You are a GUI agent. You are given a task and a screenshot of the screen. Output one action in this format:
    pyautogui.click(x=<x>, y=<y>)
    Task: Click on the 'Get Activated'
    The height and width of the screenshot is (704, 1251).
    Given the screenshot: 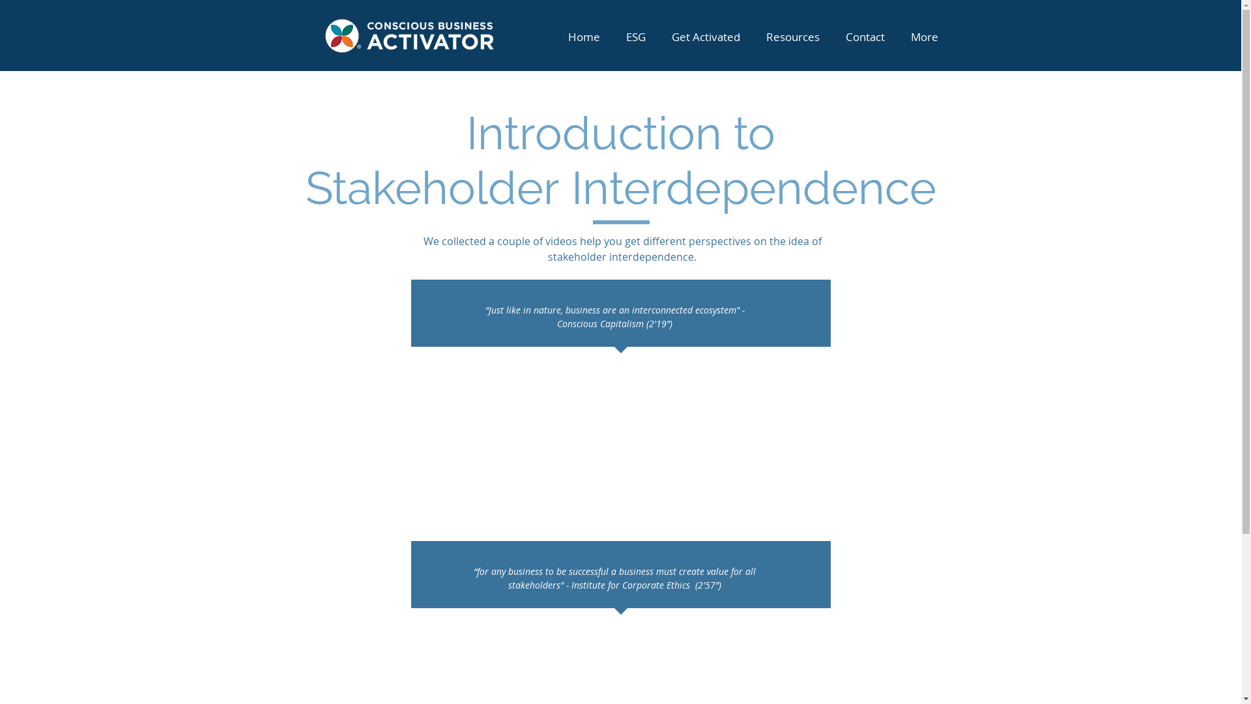 What is the action you would take?
    pyautogui.click(x=704, y=36)
    